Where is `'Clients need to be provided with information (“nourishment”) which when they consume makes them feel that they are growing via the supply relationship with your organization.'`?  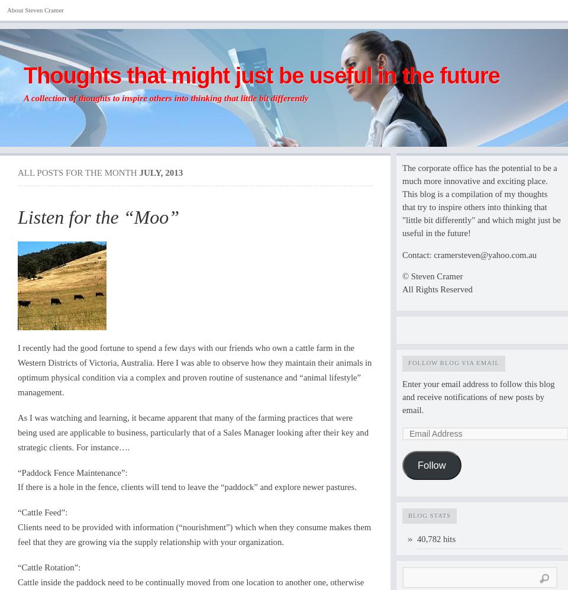
'Clients need to be provided with information (“nourishment”) which when they consume makes them feel that they are growing via the supply relationship with your organization.' is located at coordinates (194, 534).